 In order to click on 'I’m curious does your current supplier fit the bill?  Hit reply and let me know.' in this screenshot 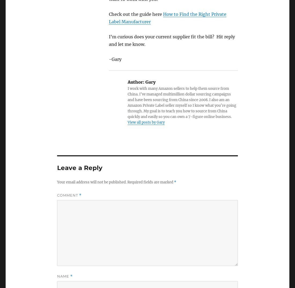, I will do `click(171, 40)`.